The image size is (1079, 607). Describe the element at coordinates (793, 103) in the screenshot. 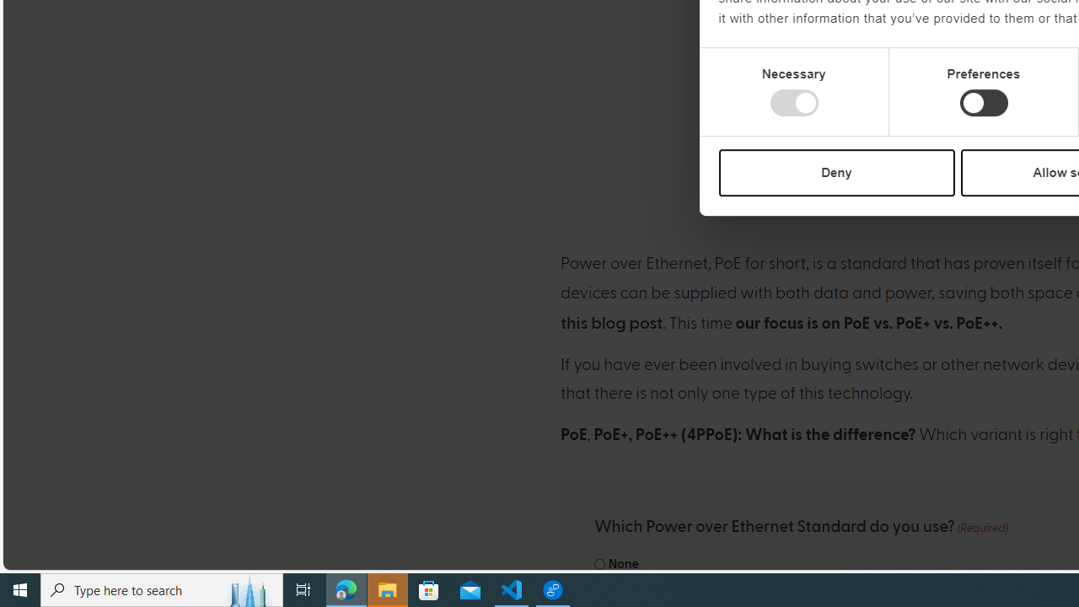

I see `'Necessary'` at that location.